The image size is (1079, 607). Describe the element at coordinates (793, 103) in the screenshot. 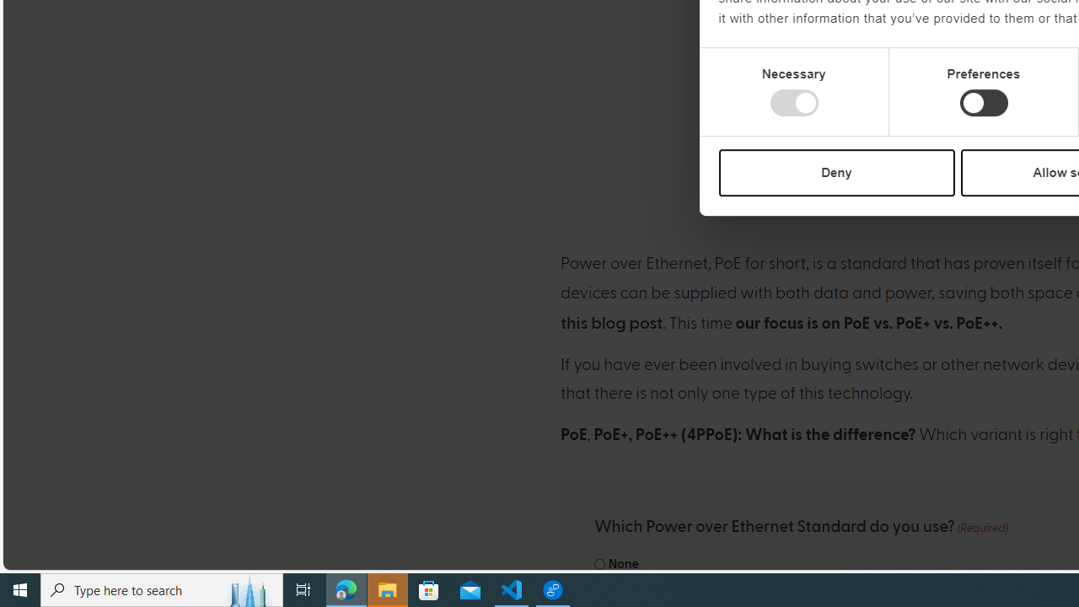

I see `'Necessary'` at that location.